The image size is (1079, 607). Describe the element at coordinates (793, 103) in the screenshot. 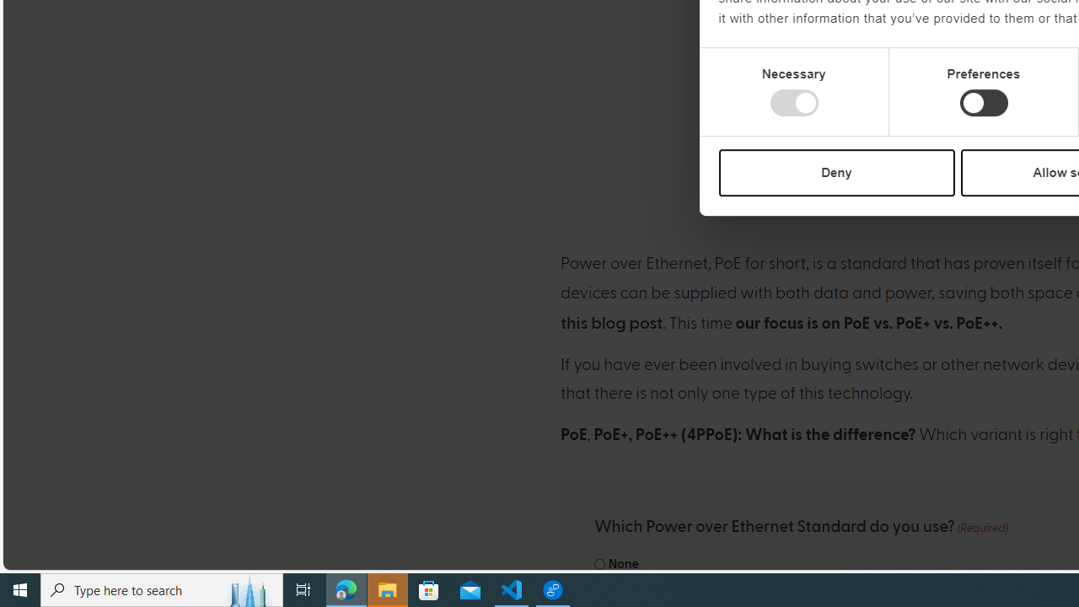

I see `'Necessary'` at that location.